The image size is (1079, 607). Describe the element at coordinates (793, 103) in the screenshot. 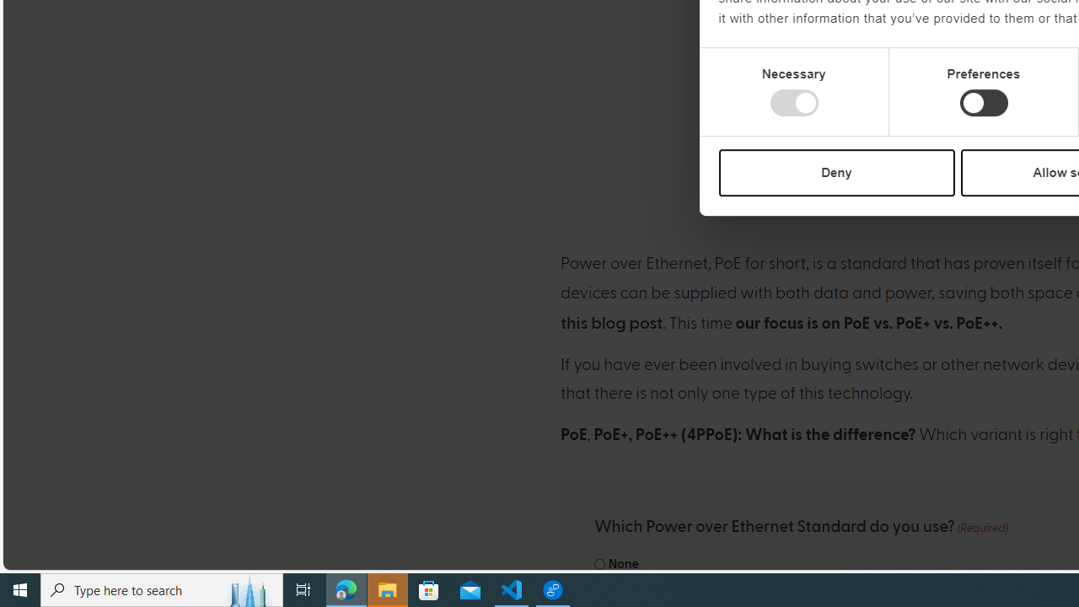

I see `'Necessary'` at that location.